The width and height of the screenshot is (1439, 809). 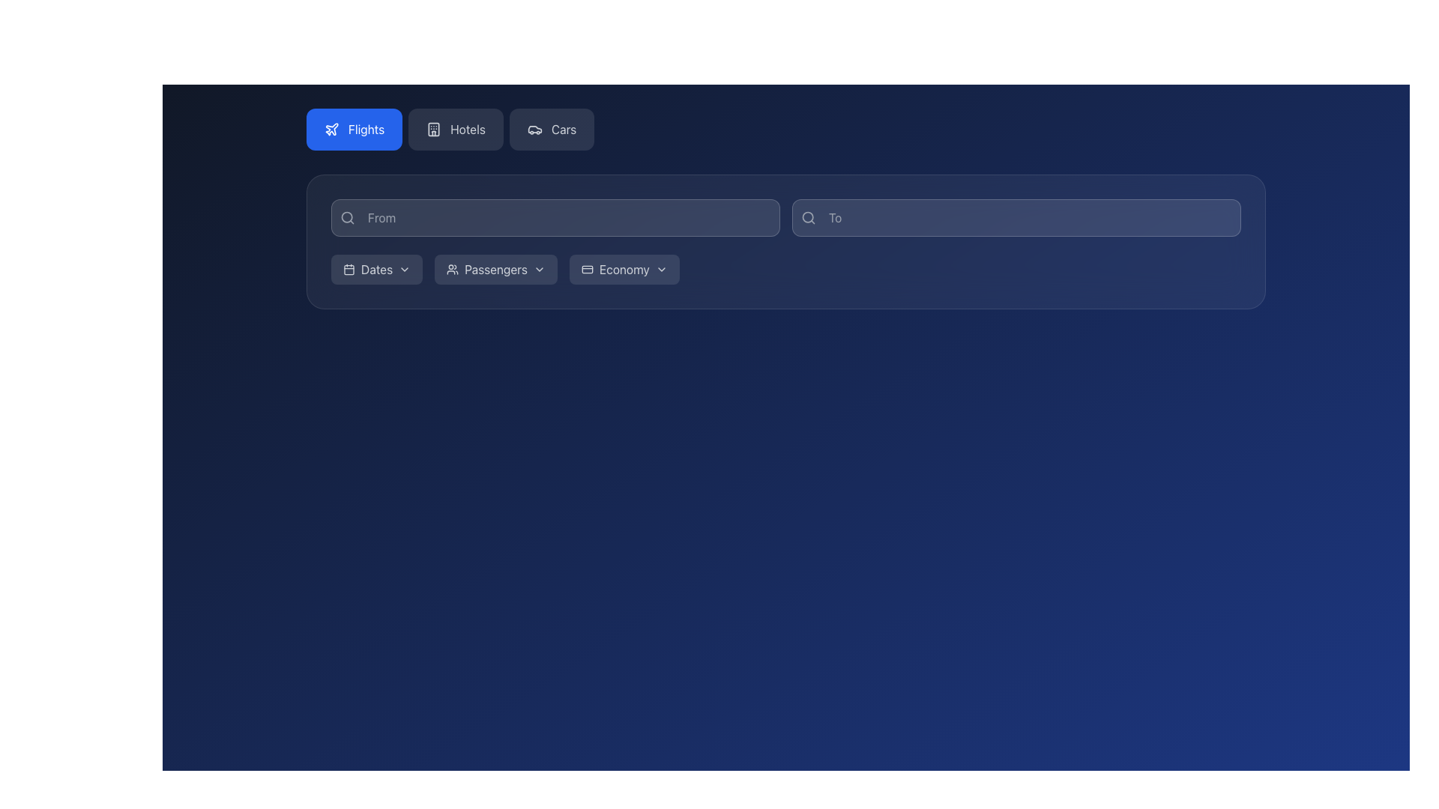 What do you see at coordinates (540, 268) in the screenshot?
I see `the downward-pointing chevron icon next to the 'Passengers' button, which is styled in gray and has a triangular design` at bounding box center [540, 268].